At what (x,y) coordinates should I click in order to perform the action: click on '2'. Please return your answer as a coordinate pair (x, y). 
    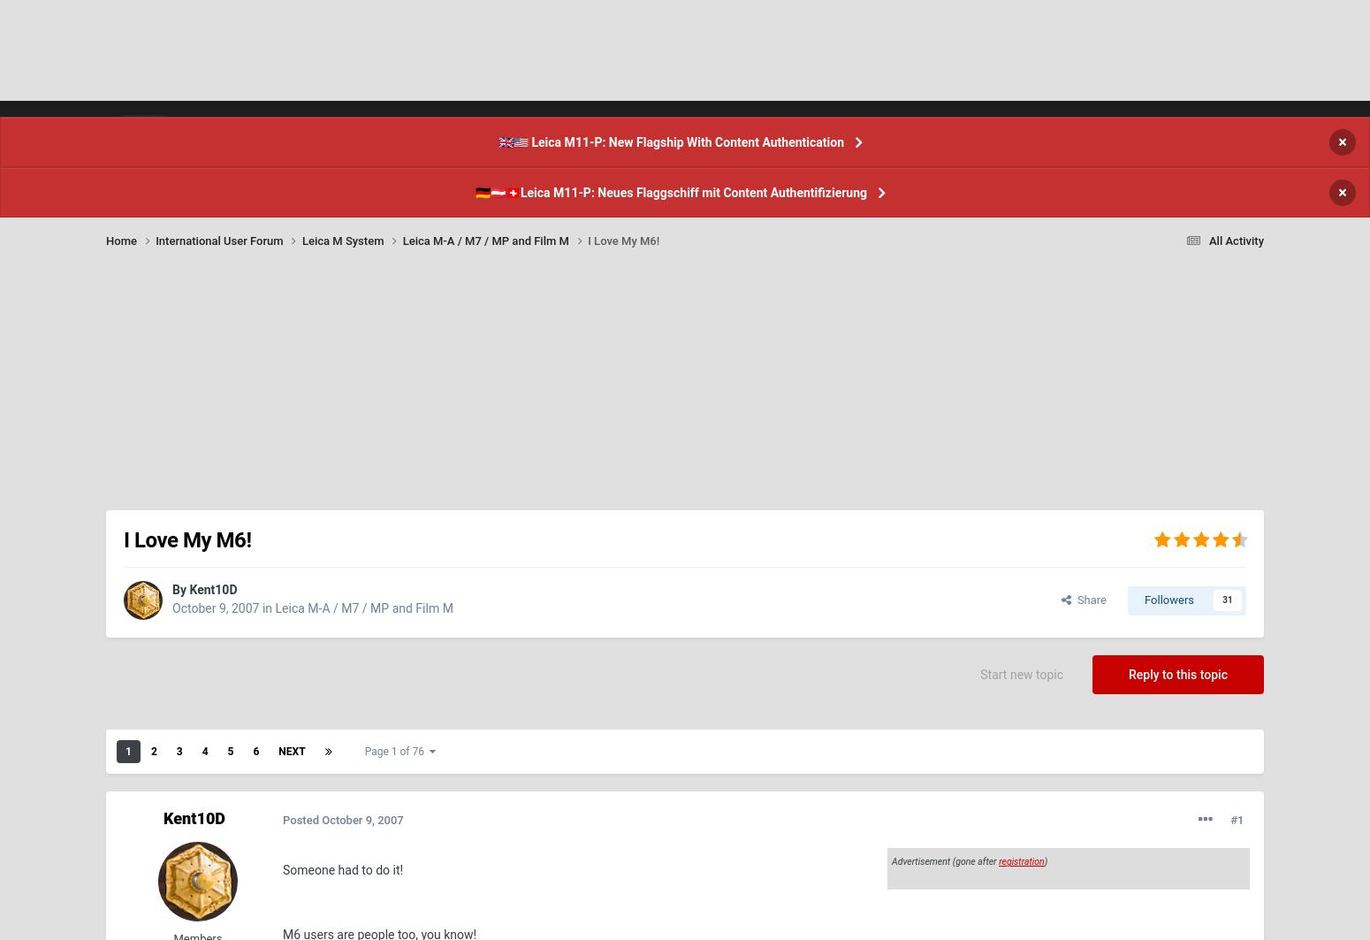
    Looking at the image, I should click on (152, 795).